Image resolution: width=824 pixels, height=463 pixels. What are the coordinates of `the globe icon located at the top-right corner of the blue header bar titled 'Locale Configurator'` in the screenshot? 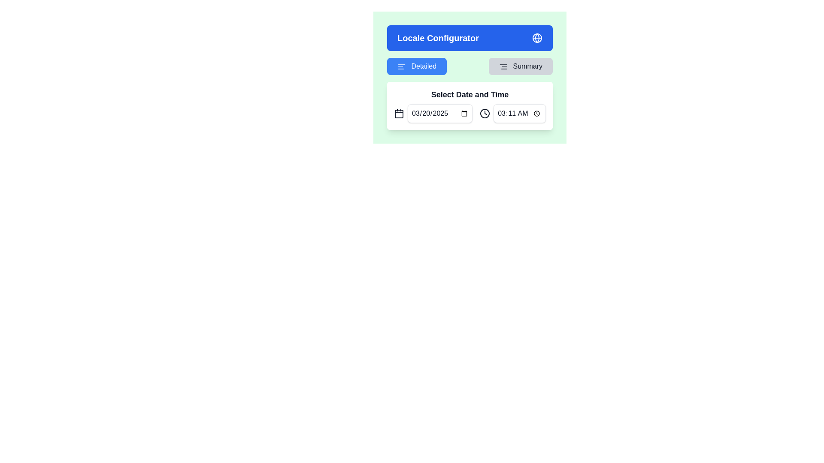 It's located at (537, 37).